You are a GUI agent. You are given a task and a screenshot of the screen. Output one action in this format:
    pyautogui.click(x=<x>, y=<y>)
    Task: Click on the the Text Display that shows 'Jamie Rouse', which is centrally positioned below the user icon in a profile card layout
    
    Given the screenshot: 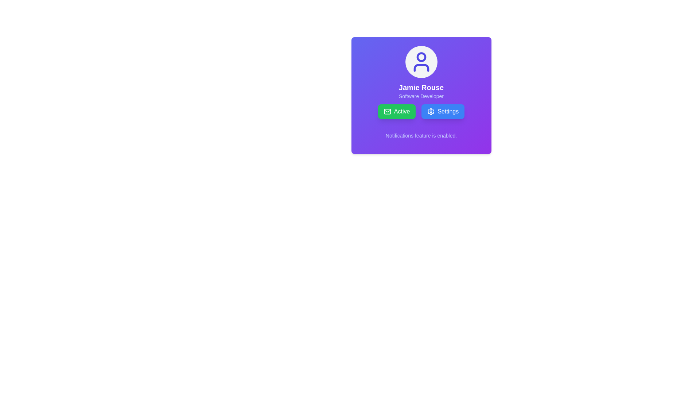 What is the action you would take?
    pyautogui.click(x=421, y=87)
    